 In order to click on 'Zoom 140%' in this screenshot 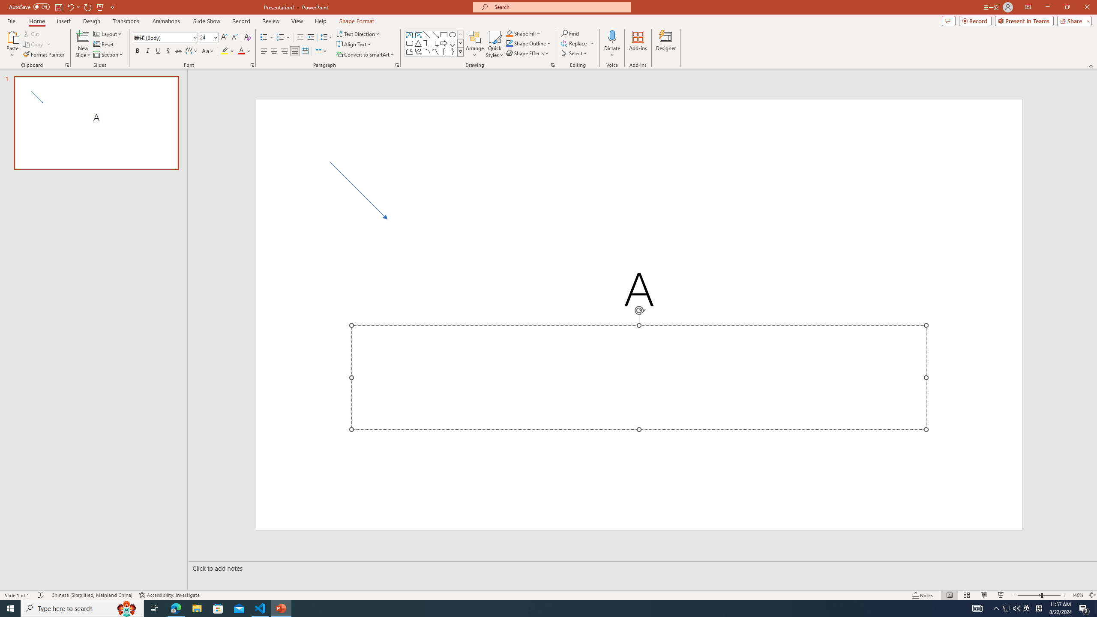, I will do `click(1078, 595)`.